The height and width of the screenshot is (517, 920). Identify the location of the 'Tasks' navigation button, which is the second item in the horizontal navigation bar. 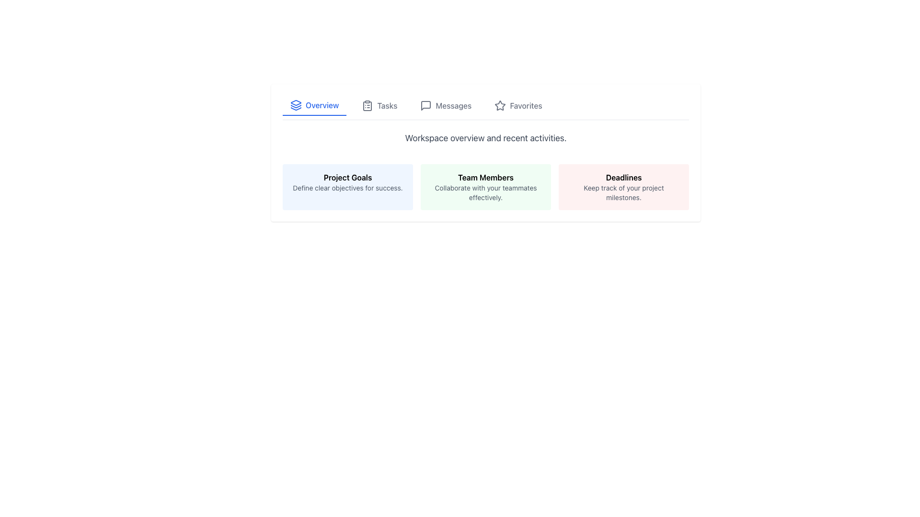
(379, 105).